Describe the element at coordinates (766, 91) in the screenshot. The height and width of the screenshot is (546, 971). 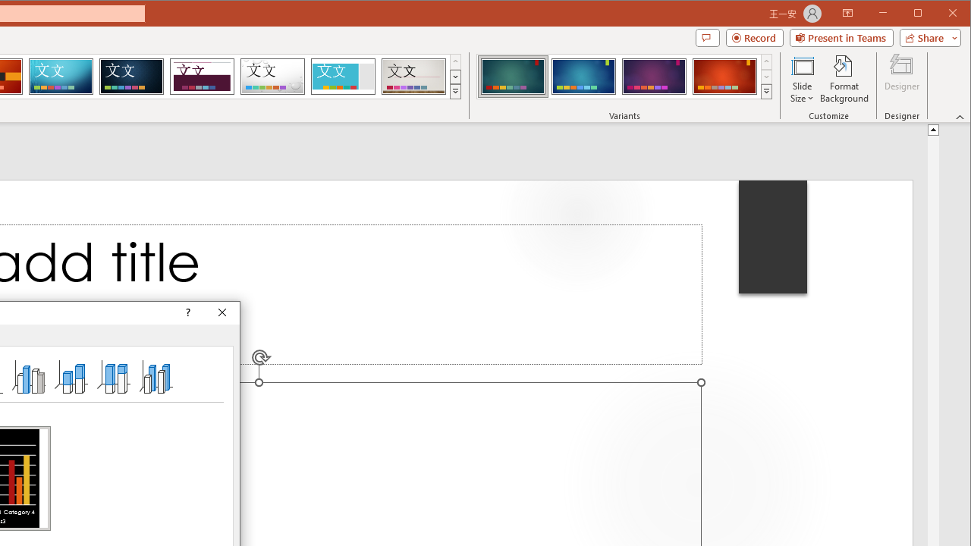
I see `'Variants'` at that location.